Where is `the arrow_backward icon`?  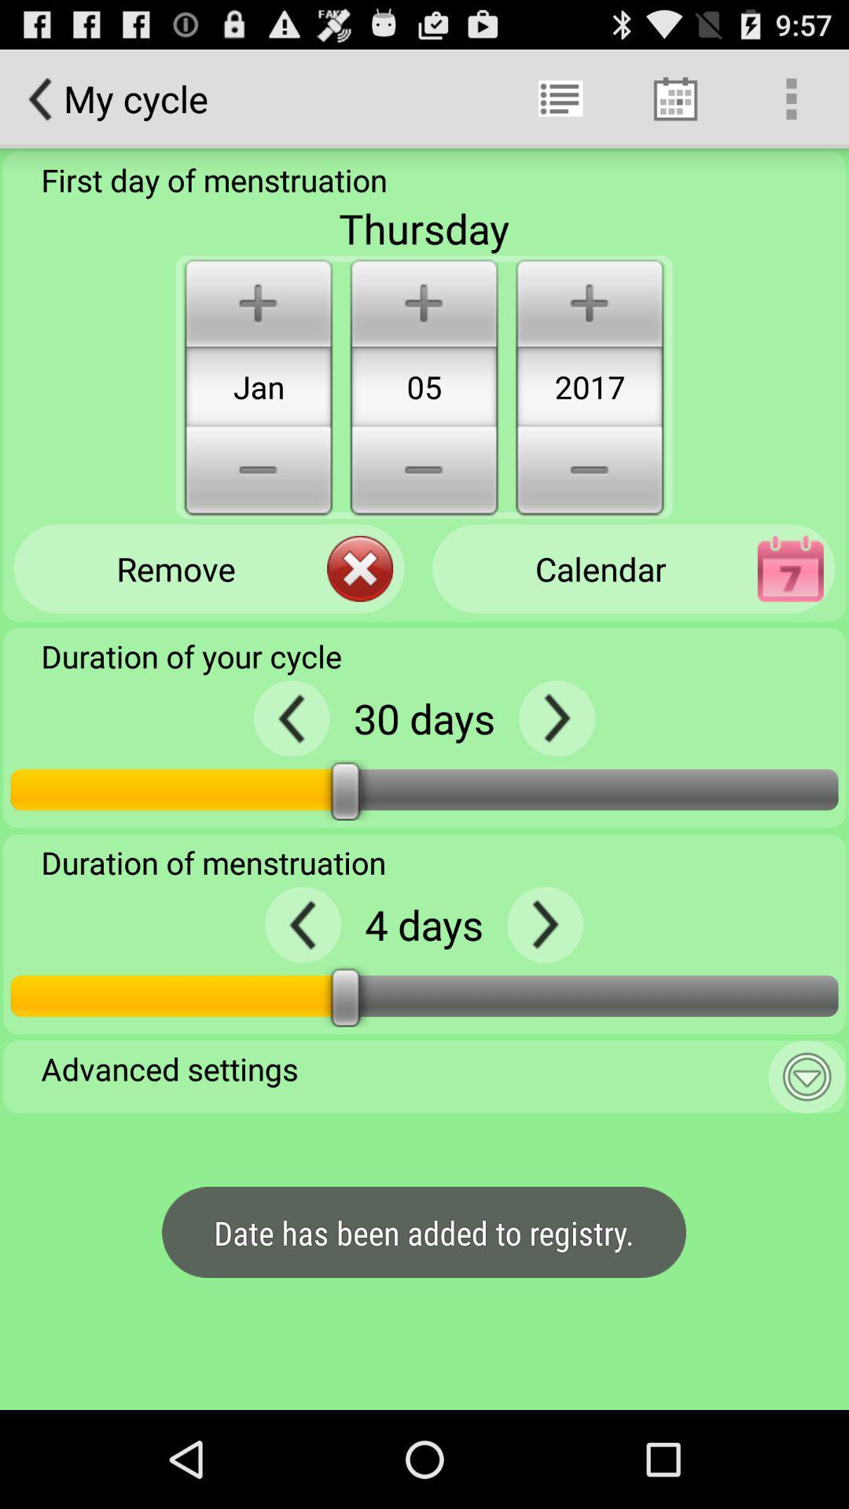 the arrow_backward icon is located at coordinates (292, 769).